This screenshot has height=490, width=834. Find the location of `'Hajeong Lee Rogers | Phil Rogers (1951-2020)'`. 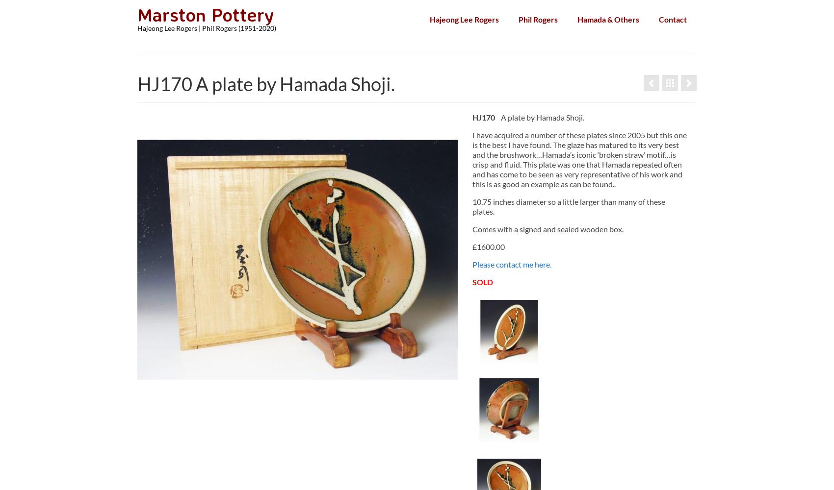

'Hajeong Lee Rogers | Phil Rogers (1951-2020)' is located at coordinates (206, 28).